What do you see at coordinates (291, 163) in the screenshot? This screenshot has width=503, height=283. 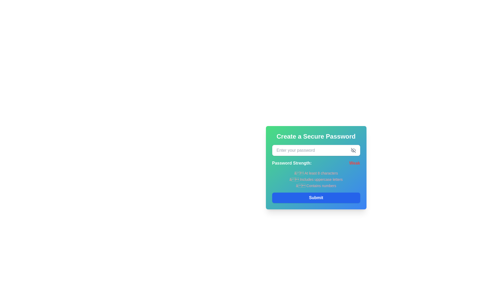 I see `the text label displaying 'Password Strength:' which is styled with a white bold font against a gradient background, located prominently in the password creation interface` at bounding box center [291, 163].